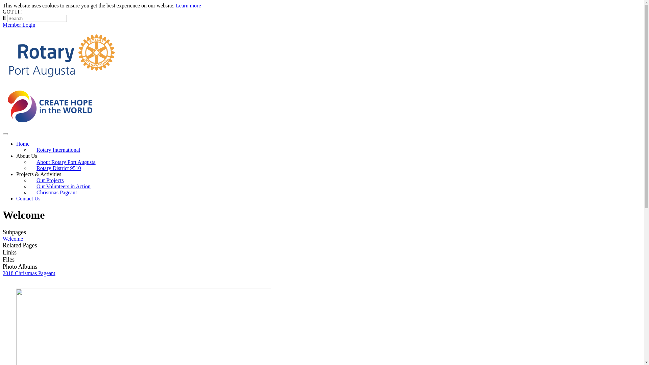  I want to click on 'Rotary District 9510', so click(58, 168).